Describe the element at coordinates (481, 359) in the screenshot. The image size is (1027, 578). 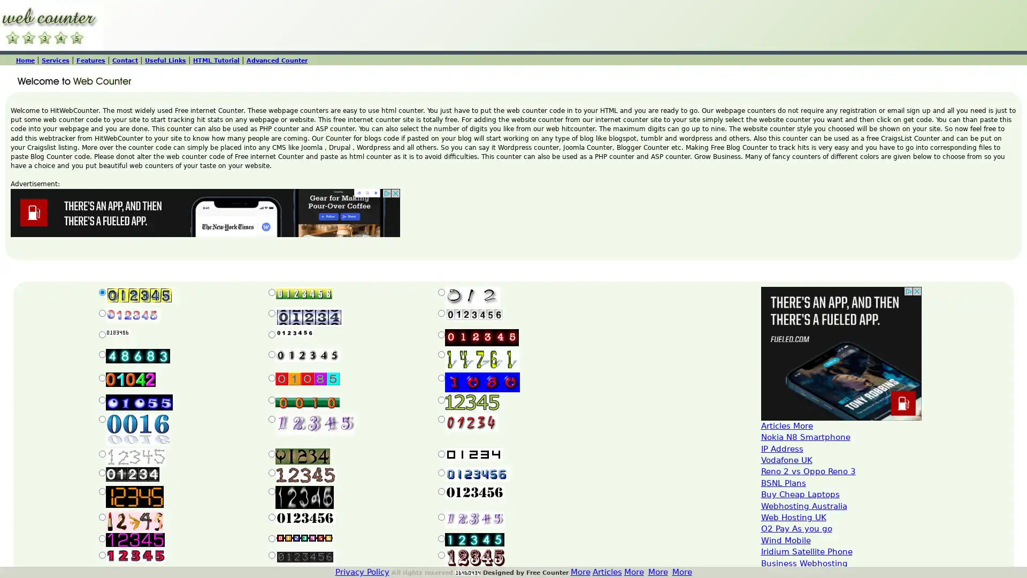
I see `Submit` at that location.